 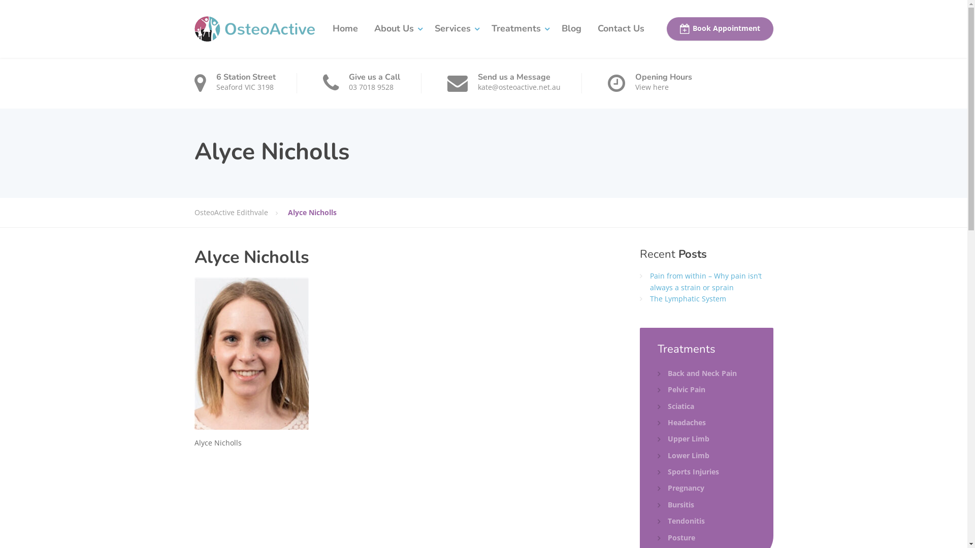 I want to click on 'Back and Neck Pain', so click(x=696, y=373).